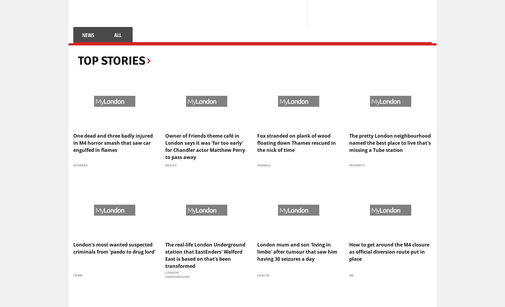 The image size is (505, 307). Describe the element at coordinates (264, 165) in the screenshot. I see `'Animals'` at that location.